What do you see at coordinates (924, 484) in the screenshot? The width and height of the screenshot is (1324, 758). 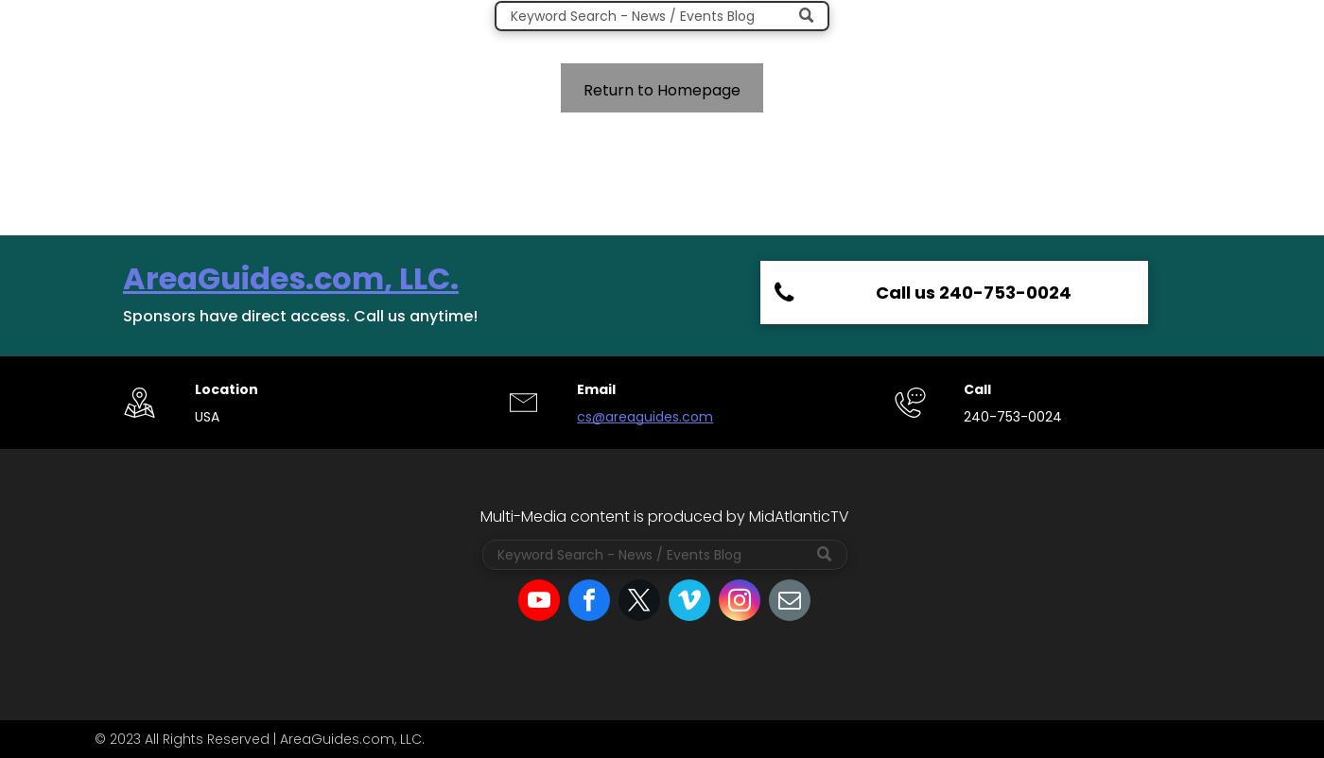 I see `'European Sport Garage, Inc.'` at bounding box center [924, 484].